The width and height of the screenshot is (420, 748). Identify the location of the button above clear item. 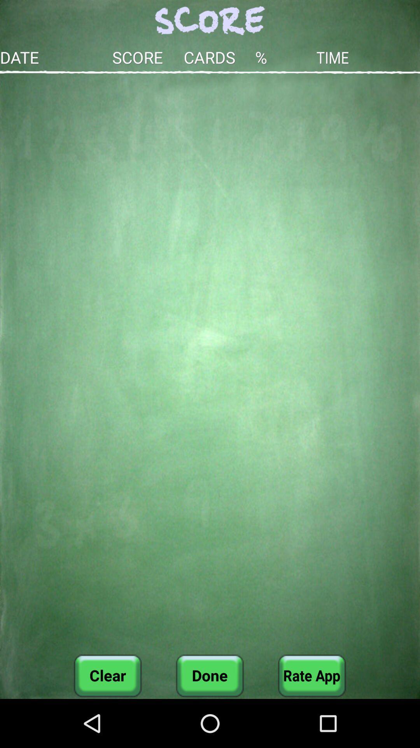
(210, 363).